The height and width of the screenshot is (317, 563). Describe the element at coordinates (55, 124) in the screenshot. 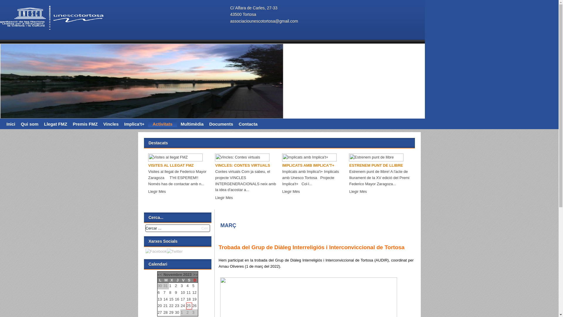

I see `'Llegat FMZ'` at that location.